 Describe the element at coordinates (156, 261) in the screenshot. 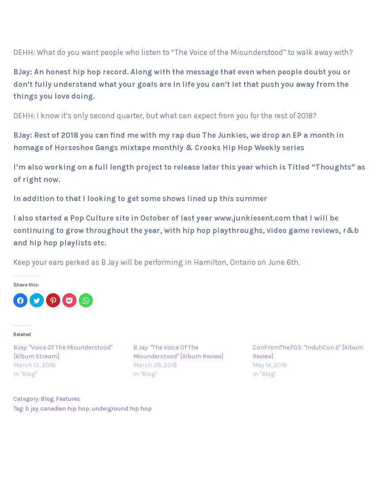

I see `'Keep your ears perked as B Jay will be performing in Hamilton, Ontario on June 6th.'` at that location.